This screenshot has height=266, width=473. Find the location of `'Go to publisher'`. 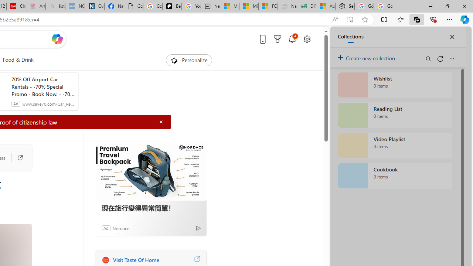

'Go to publisher' is located at coordinates (16, 157).